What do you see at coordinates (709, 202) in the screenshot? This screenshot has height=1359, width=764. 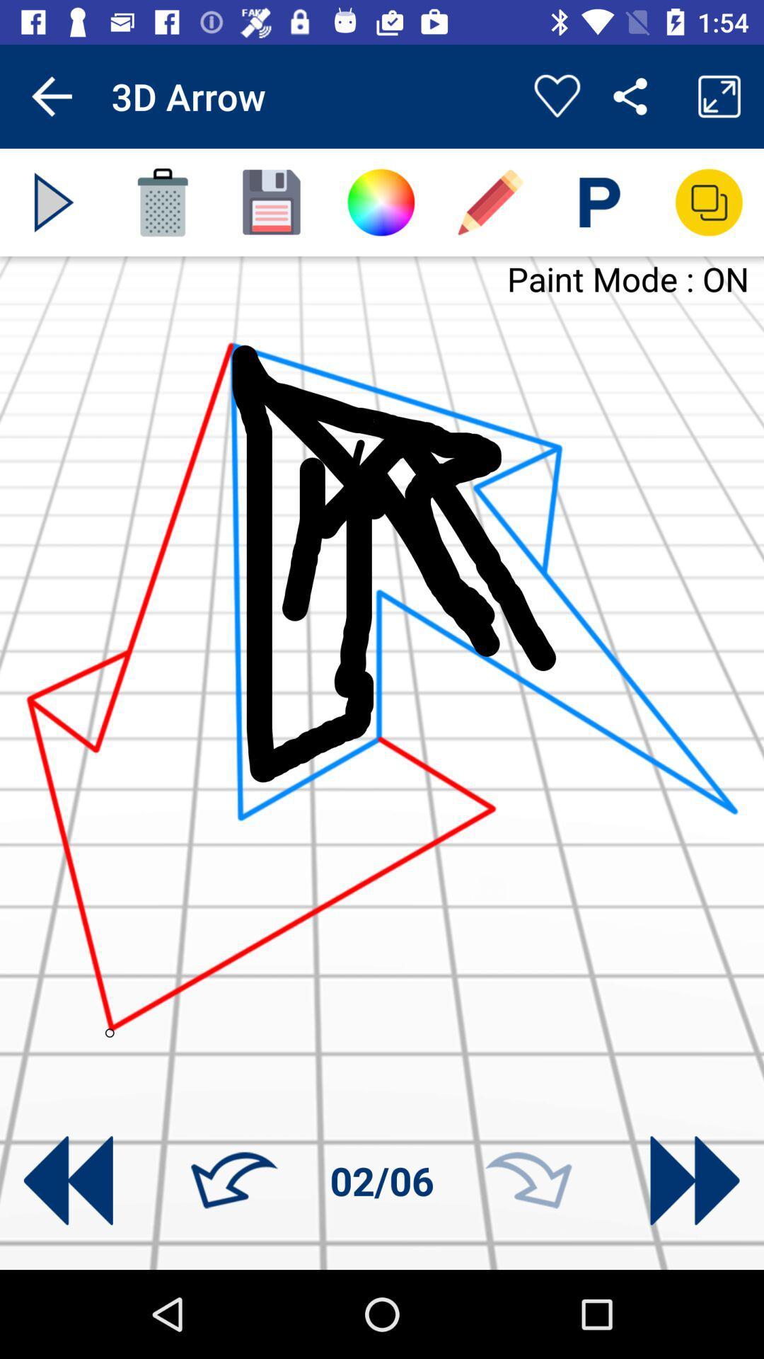 I see `the copy icon` at bounding box center [709, 202].